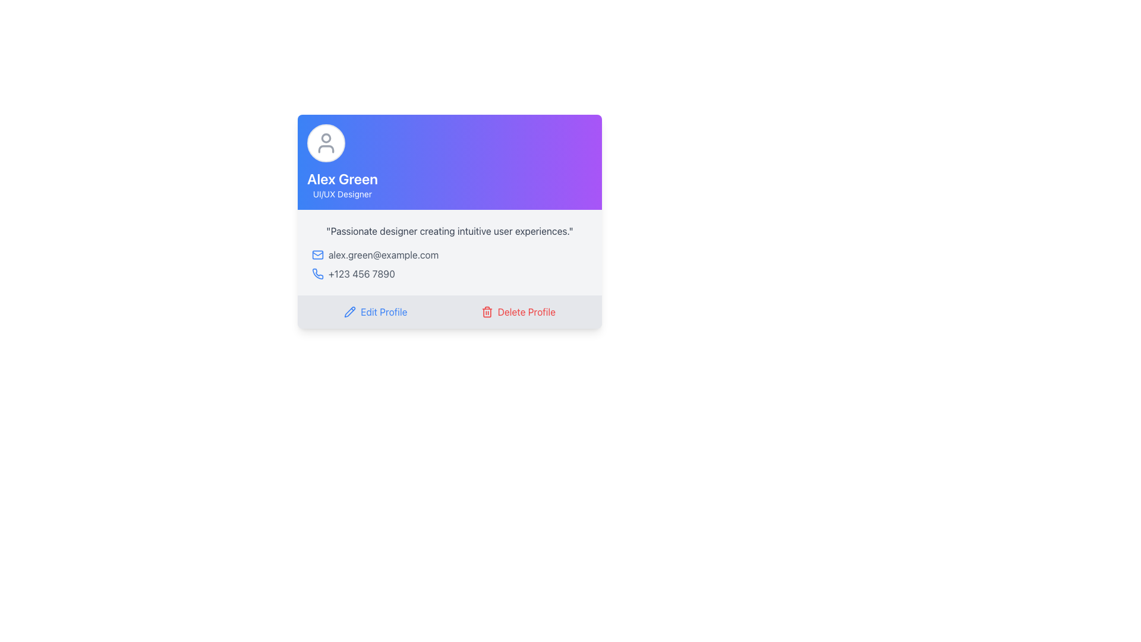 The height and width of the screenshot is (642, 1141). Describe the element at coordinates (342, 178) in the screenshot. I see `the text 'Alex Green' displayed in the profile card's upper section, centered within the gradient blue-purple area` at that location.